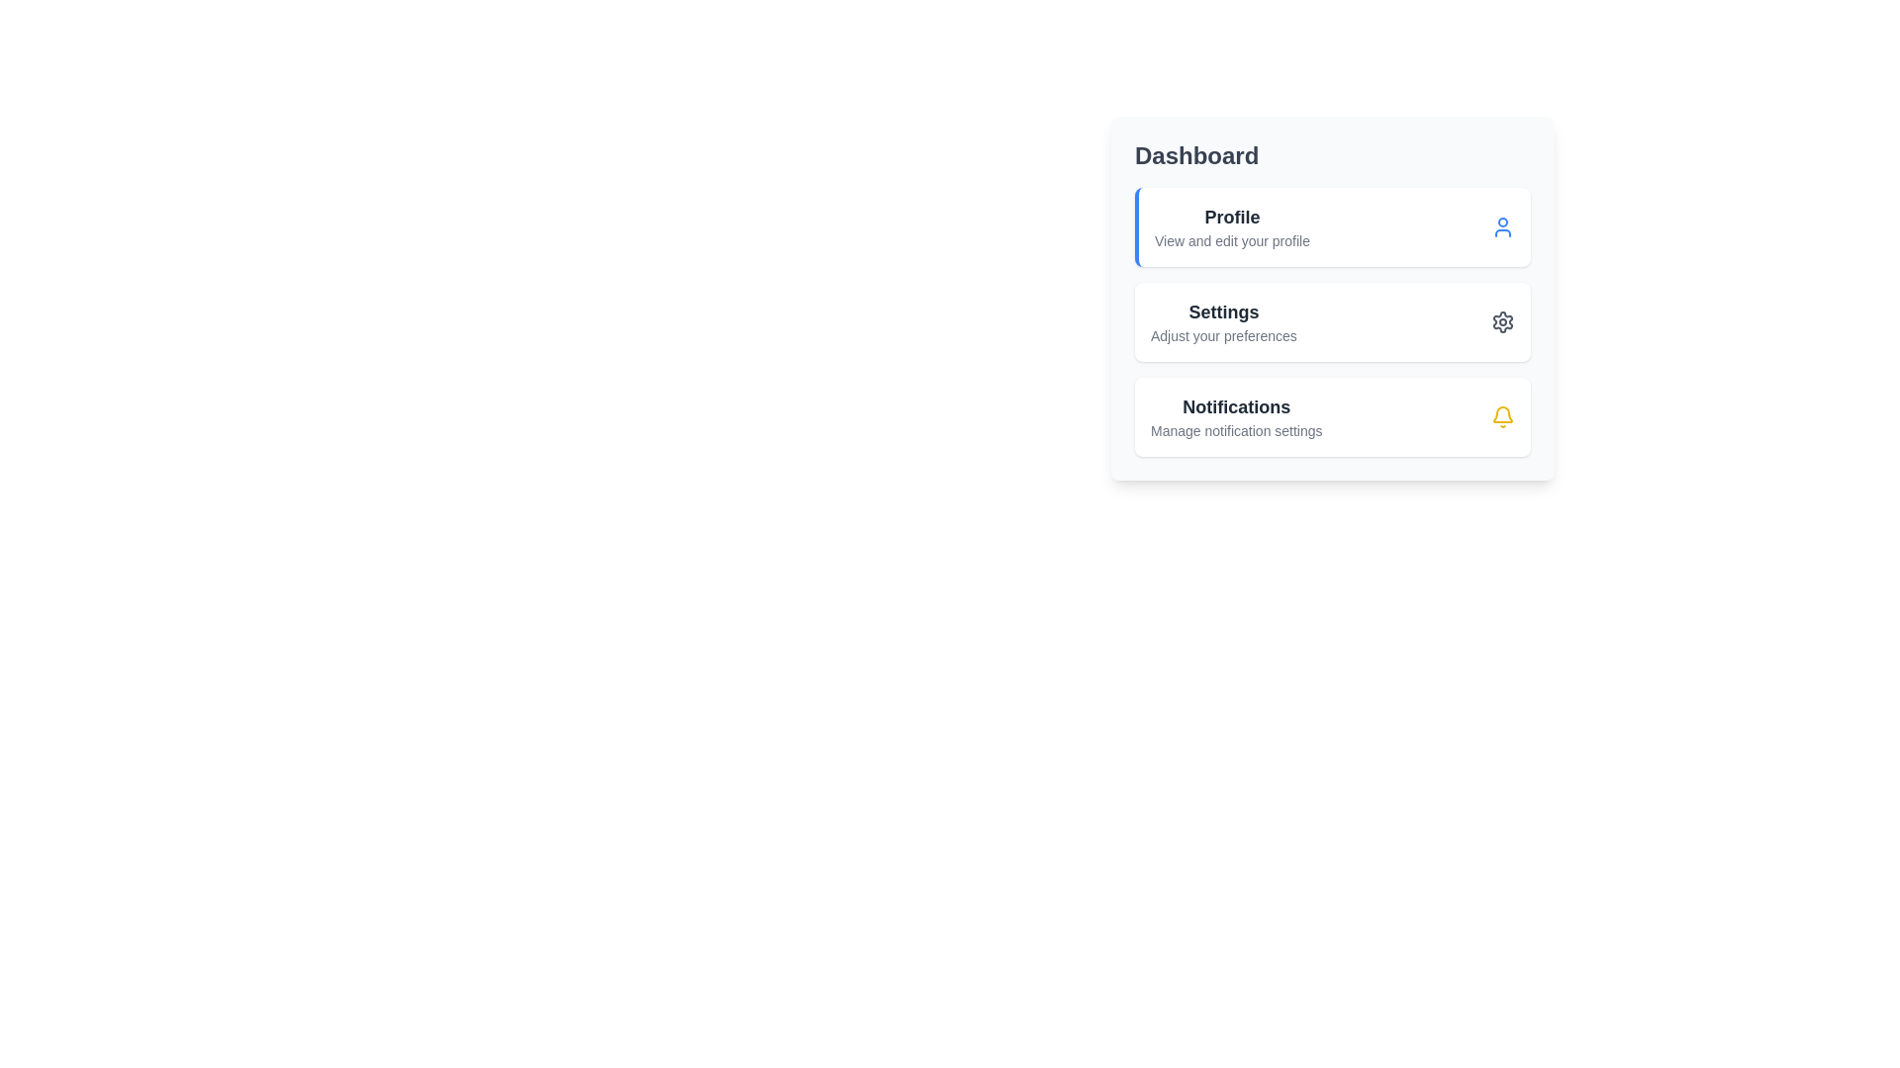  Describe the element at coordinates (1231, 239) in the screenshot. I see `the descriptive text label located directly underneath the 'Profile' label in the 'Dashboard' section` at that location.